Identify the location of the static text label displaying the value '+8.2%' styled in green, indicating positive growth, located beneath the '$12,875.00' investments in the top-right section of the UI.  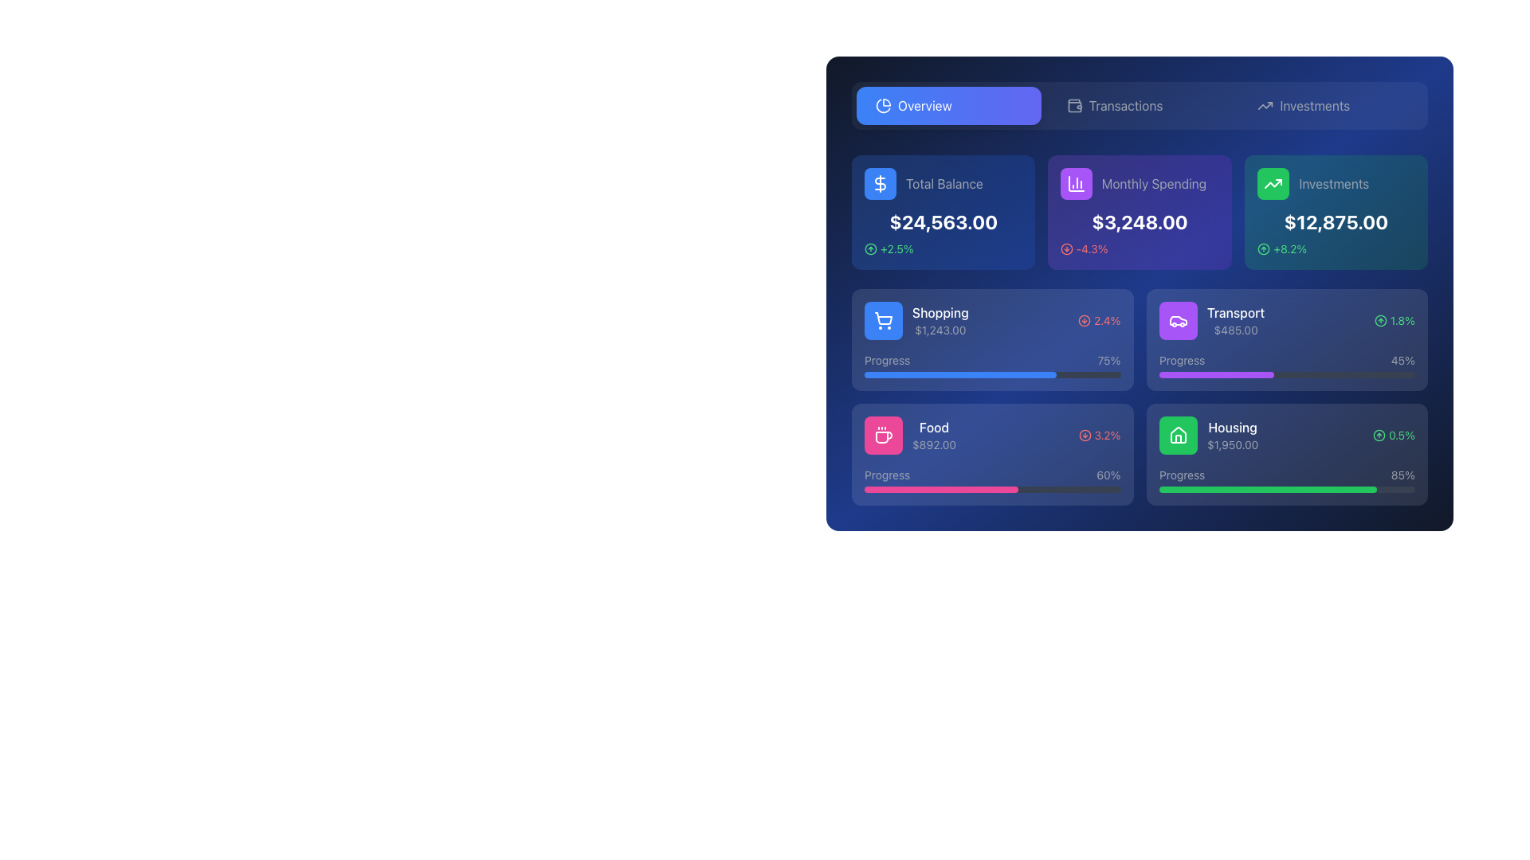
(1289, 248).